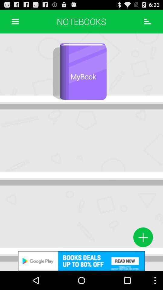  I want to click on the filter_list icon, so click(147, 23).